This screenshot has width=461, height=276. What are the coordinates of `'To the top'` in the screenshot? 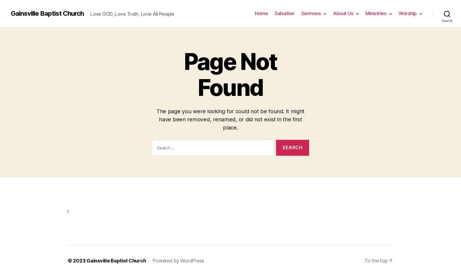 It's located at (376, 259).